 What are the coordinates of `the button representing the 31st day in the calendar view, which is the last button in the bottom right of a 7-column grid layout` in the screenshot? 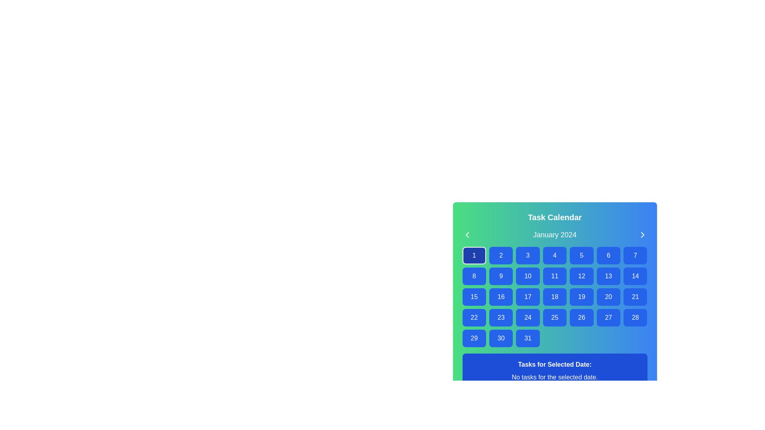 It's located at (528, 338).